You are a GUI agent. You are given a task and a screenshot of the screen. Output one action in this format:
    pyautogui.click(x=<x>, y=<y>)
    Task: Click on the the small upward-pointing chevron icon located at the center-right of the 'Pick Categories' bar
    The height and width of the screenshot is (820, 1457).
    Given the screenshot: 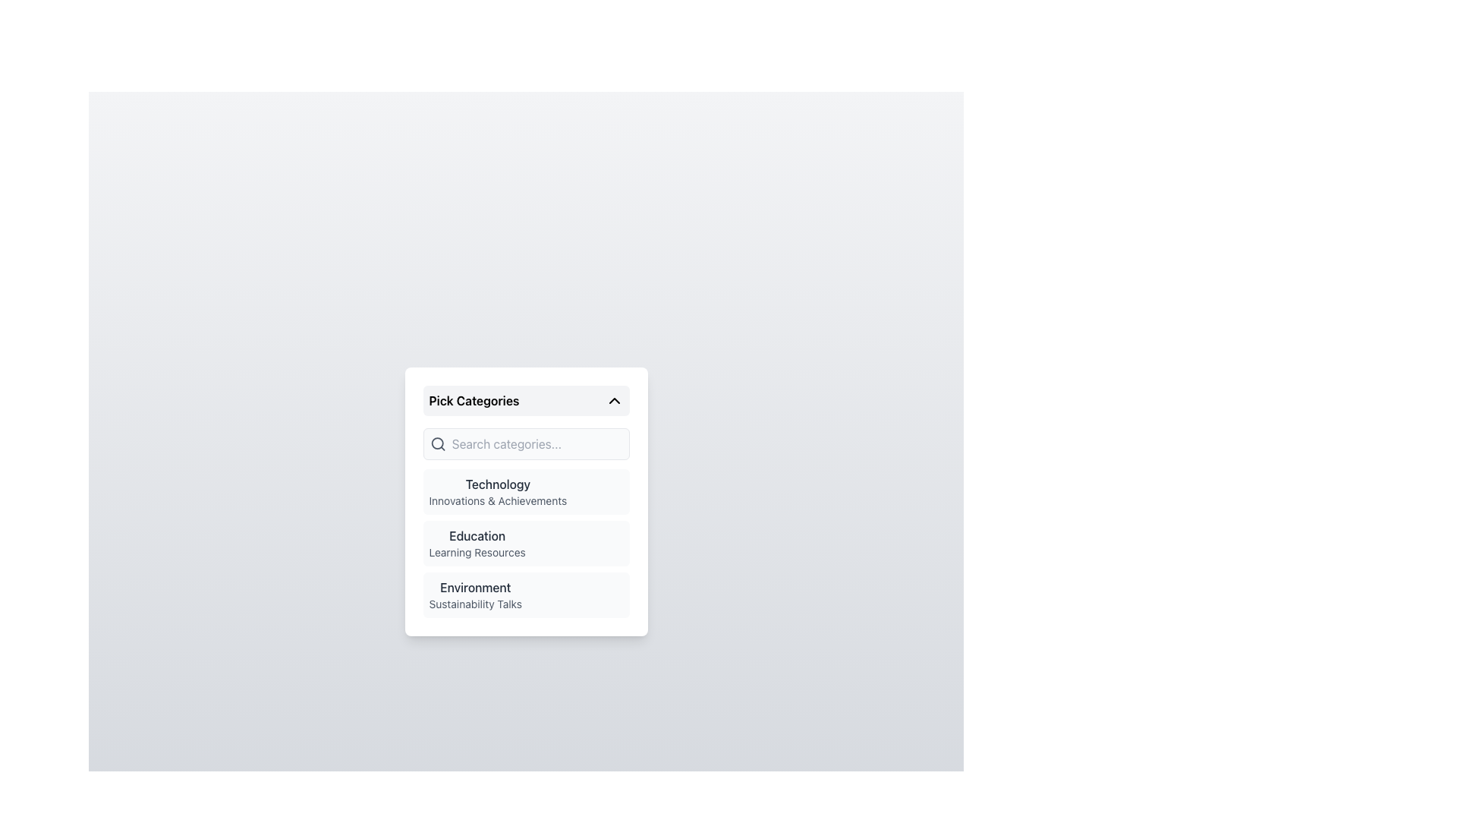 What is the action you would take?
    pyautogui.click(x=614, y=400)
    